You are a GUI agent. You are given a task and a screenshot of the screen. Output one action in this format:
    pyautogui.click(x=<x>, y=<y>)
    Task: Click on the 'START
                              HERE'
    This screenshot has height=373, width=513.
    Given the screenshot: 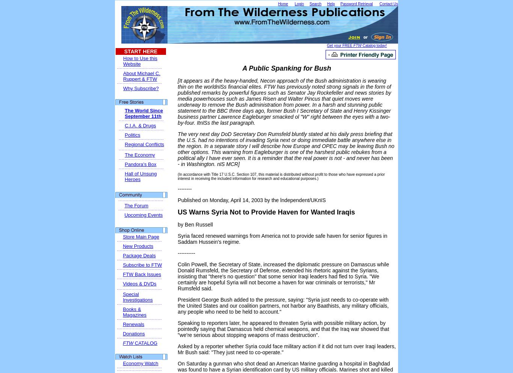 What is the action you would take?
    pyautogui.click(x=140, y=51)
    